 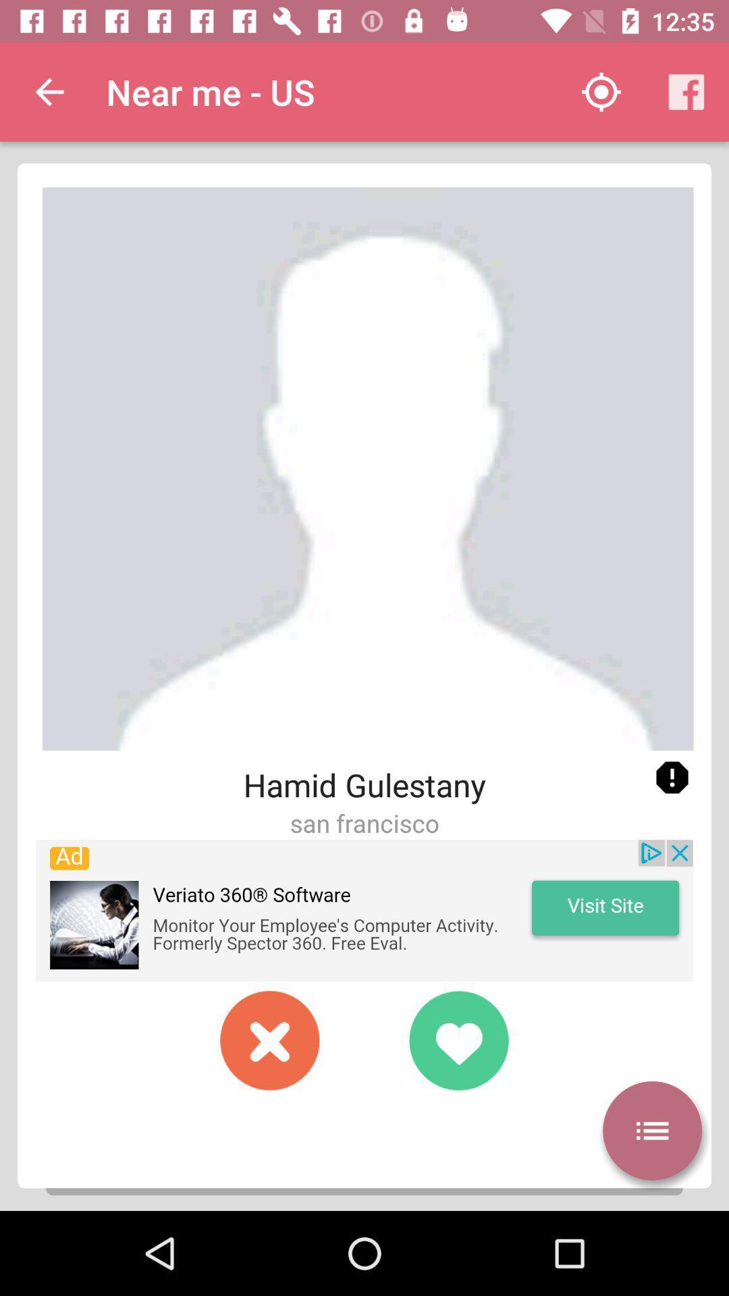 I want to click on warning, so click(x=672, y=778).